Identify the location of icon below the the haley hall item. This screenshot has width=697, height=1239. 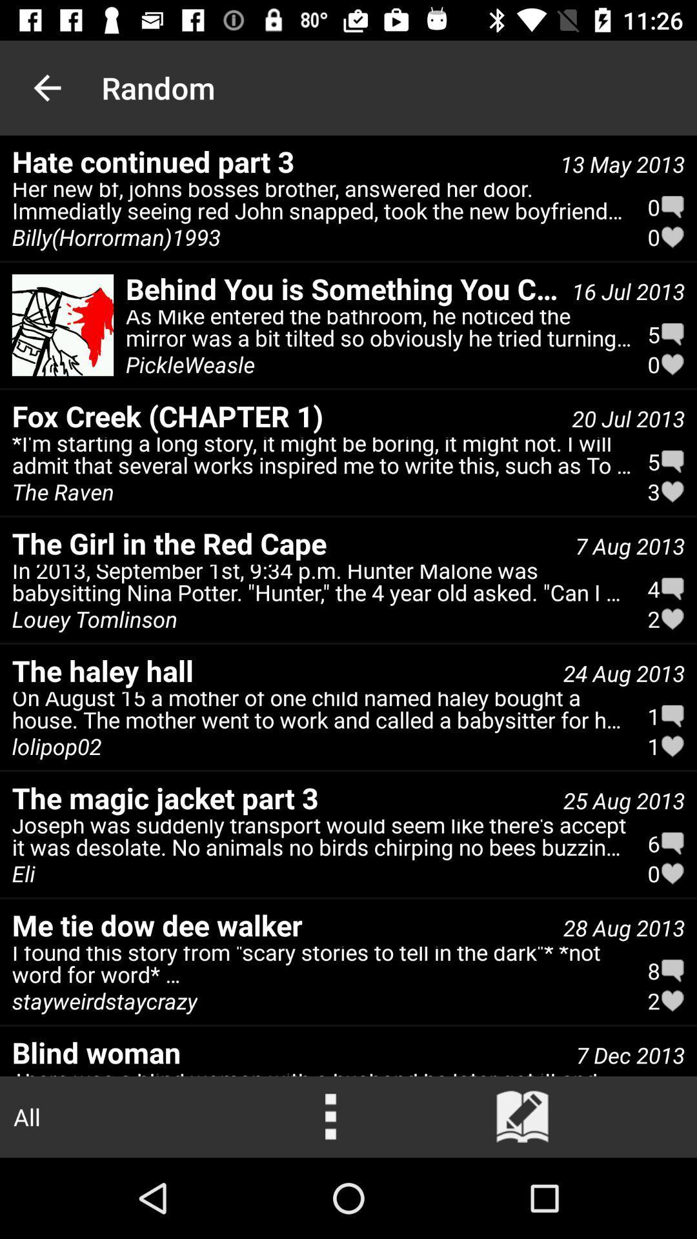
(56, 746).